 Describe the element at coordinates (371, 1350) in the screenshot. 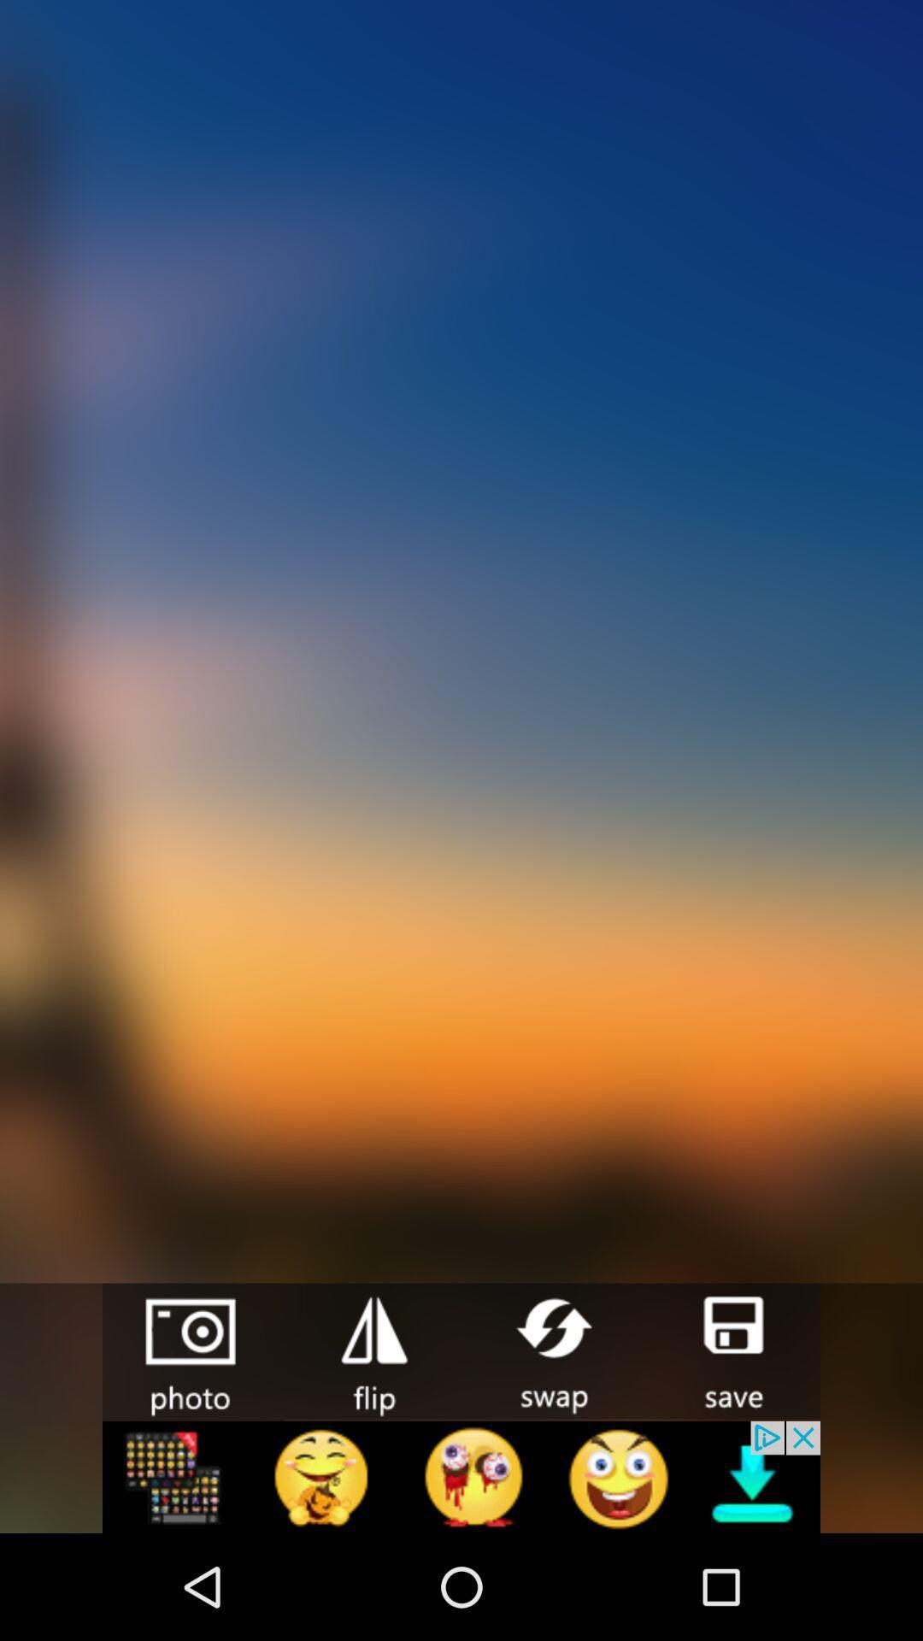

I see `setting page` at that location.